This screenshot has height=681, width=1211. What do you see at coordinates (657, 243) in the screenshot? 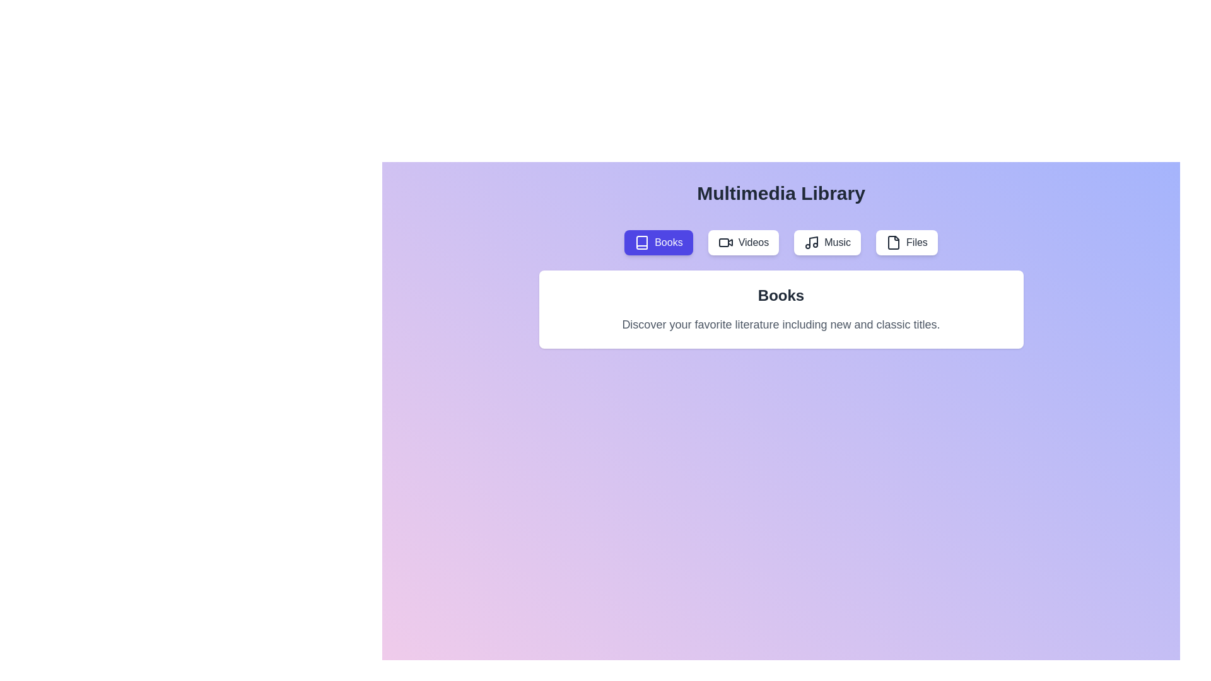
I see `the tab labeled Books to activate it` at bounding box center [657, 243].